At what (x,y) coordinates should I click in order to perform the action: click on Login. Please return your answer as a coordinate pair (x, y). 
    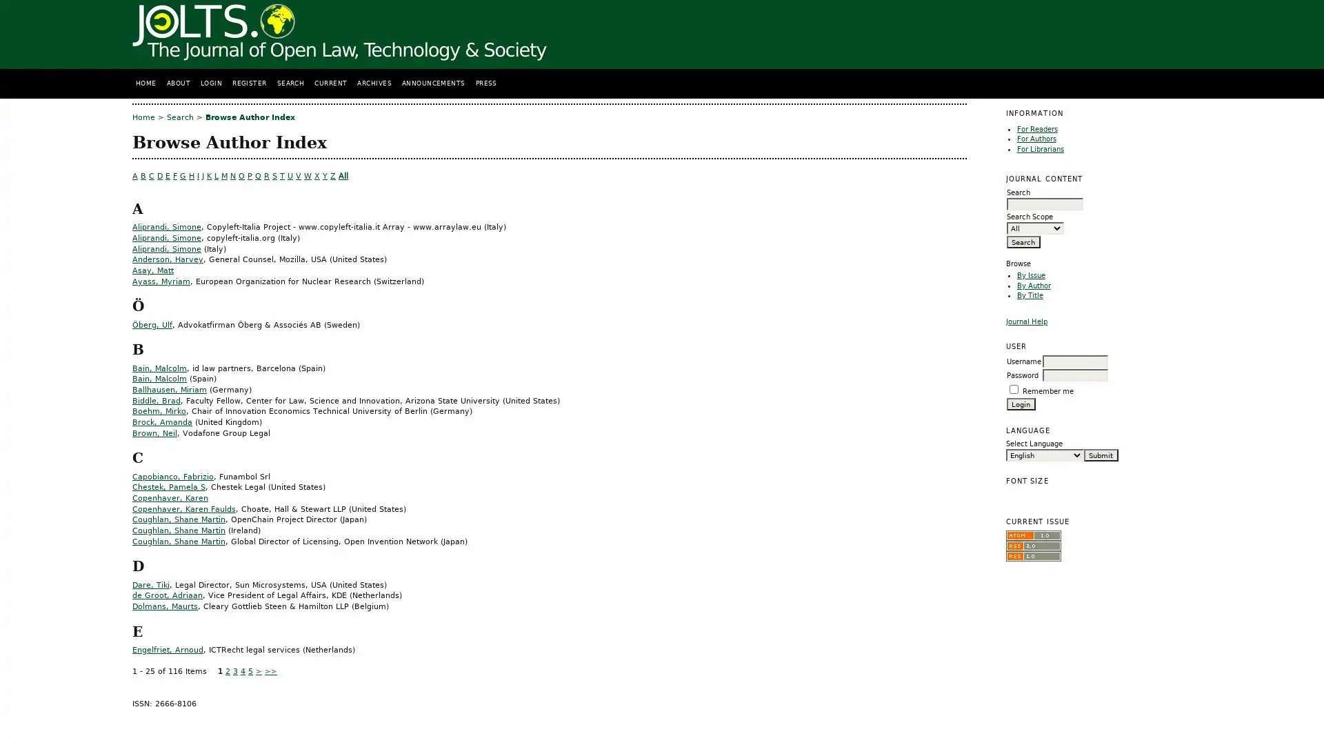
    Looking at the image, I should click on (1021, 404).